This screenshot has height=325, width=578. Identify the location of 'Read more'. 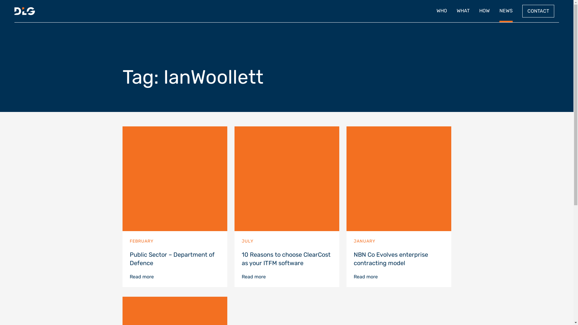
(253, 277).